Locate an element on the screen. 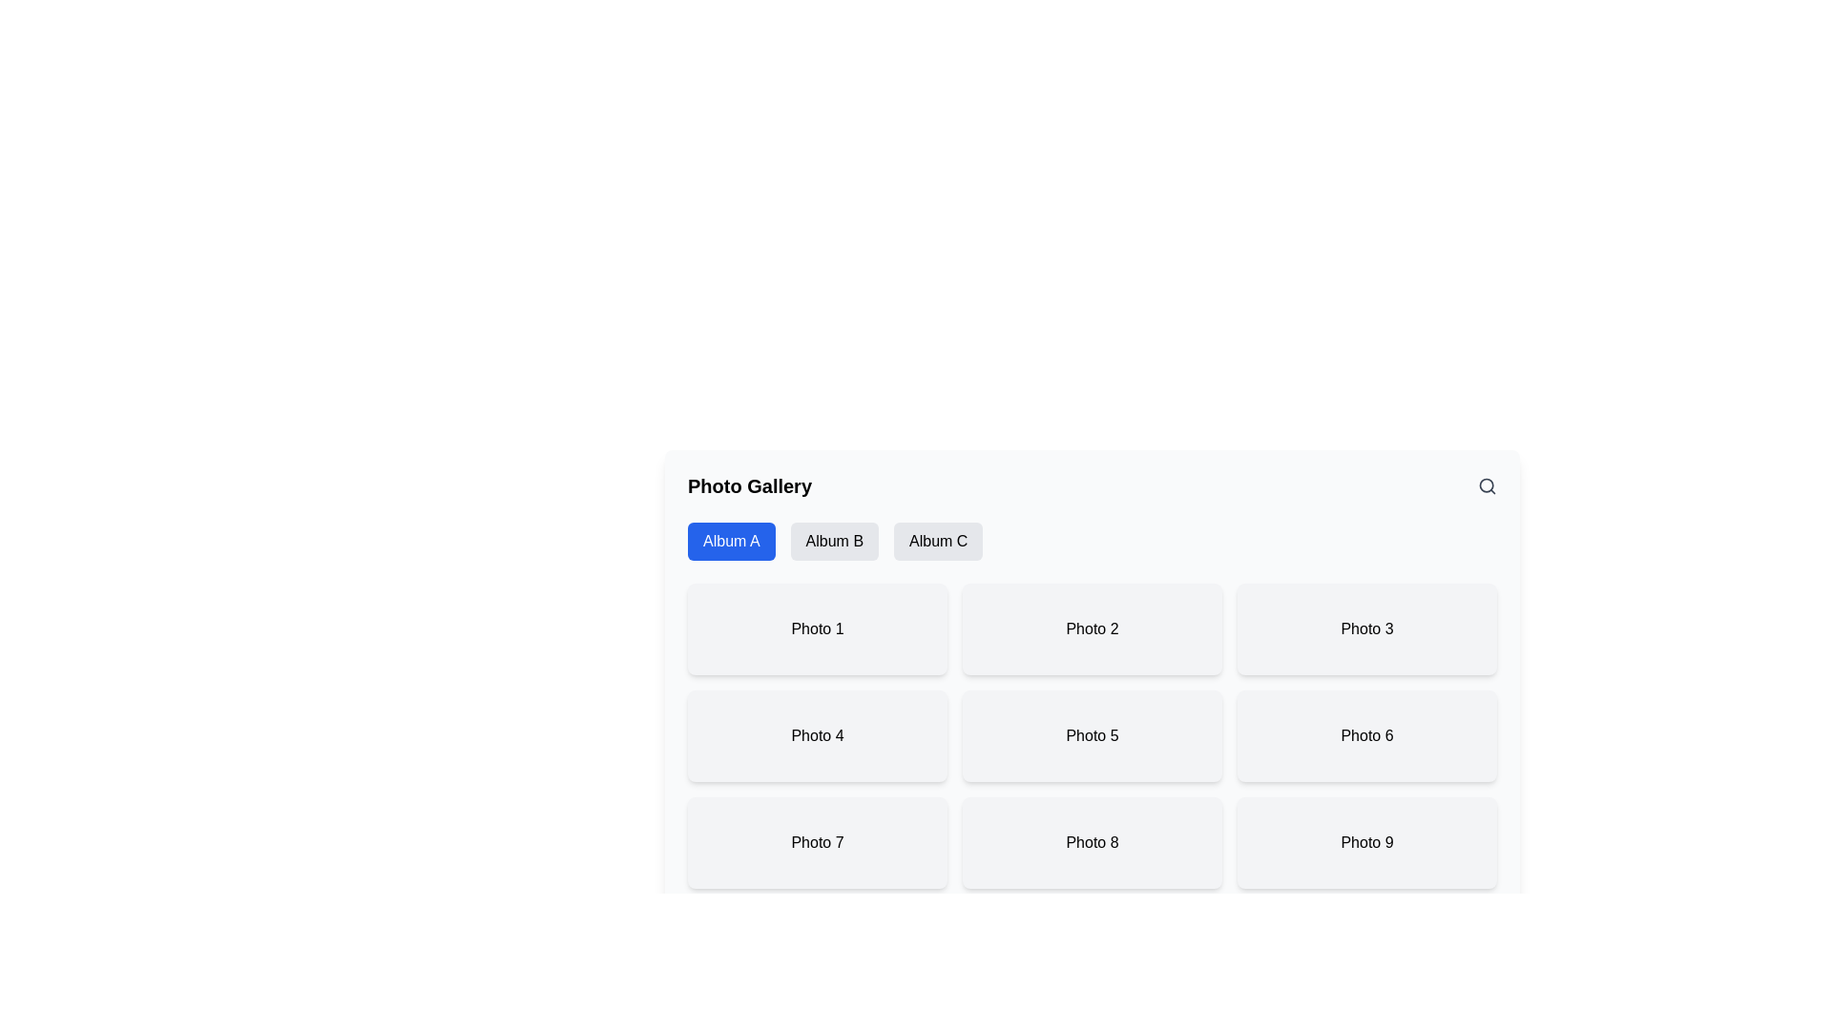  the static label styled as a card that represents 'Photo 4' within the gallery grid, located in the second row and first column, below 'Photo 1' and to the left of 'Photo 5' is located at coordinates (818, 734).